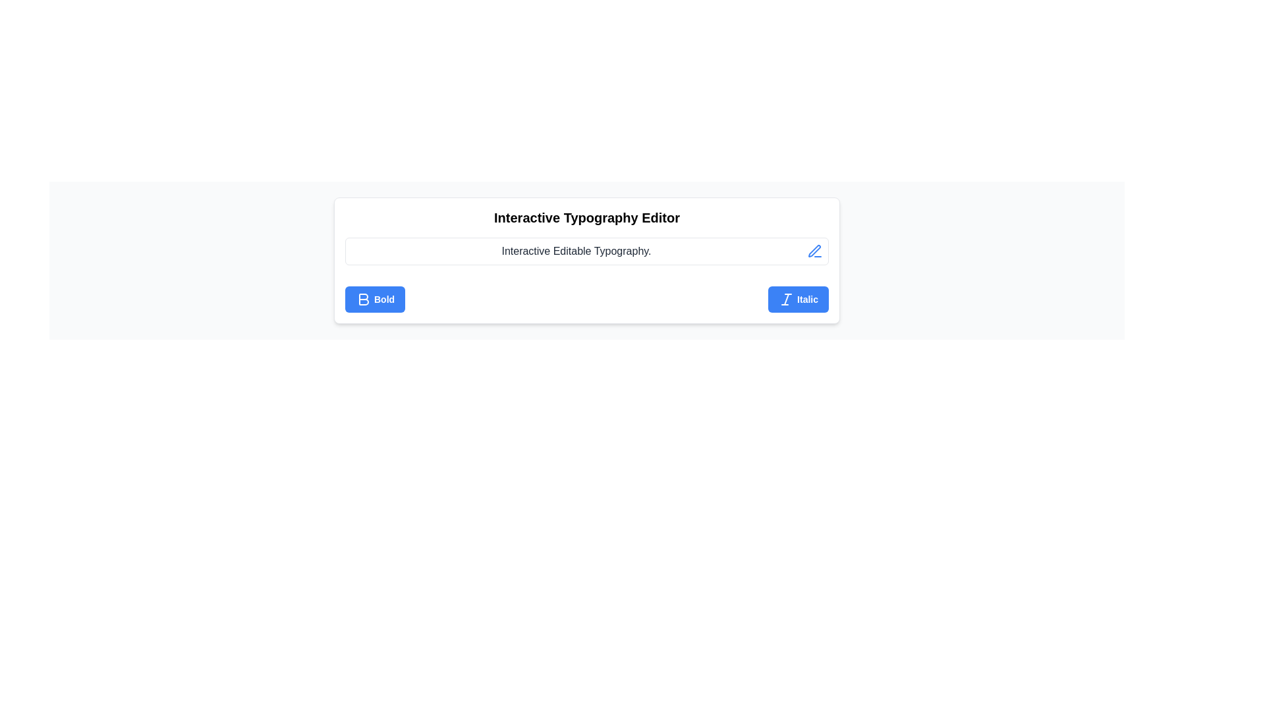  I want to click on the decorative icon for the bold button located at the bottom-left of the editor panel, which serves as a visual indication for toggling bold formatting, so click(364, 300).